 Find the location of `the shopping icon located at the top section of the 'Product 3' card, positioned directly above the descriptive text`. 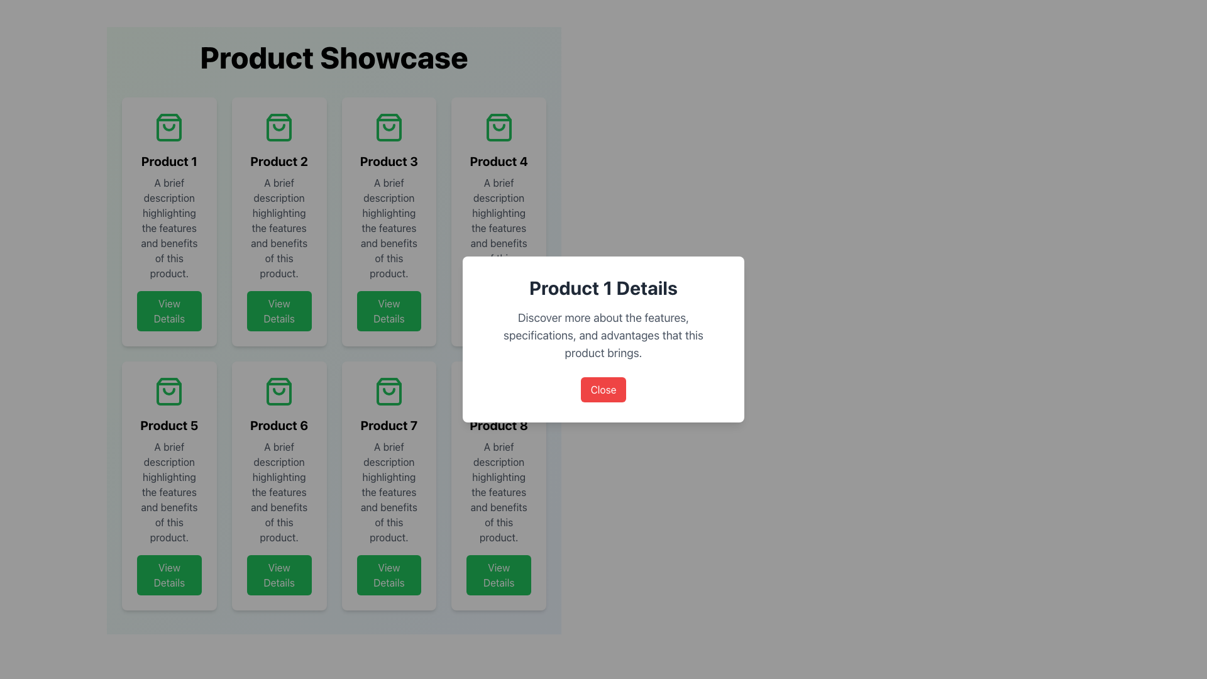

the shopping icon located at the top section of the 'Product 3' card, positioned directly above the descriptive text is located at coordinates (388, 128).